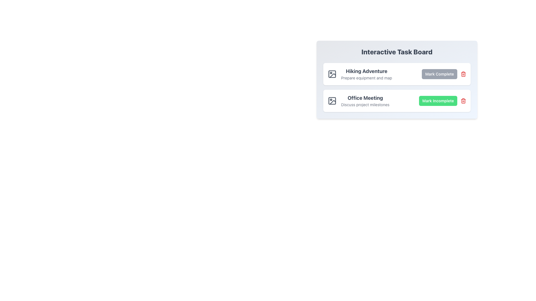 The image size is (536, 301). I want to click on the button to mark the 'Hiking Adventure' task as complete, which will display a tooltip if implemented, so click(439, 74).